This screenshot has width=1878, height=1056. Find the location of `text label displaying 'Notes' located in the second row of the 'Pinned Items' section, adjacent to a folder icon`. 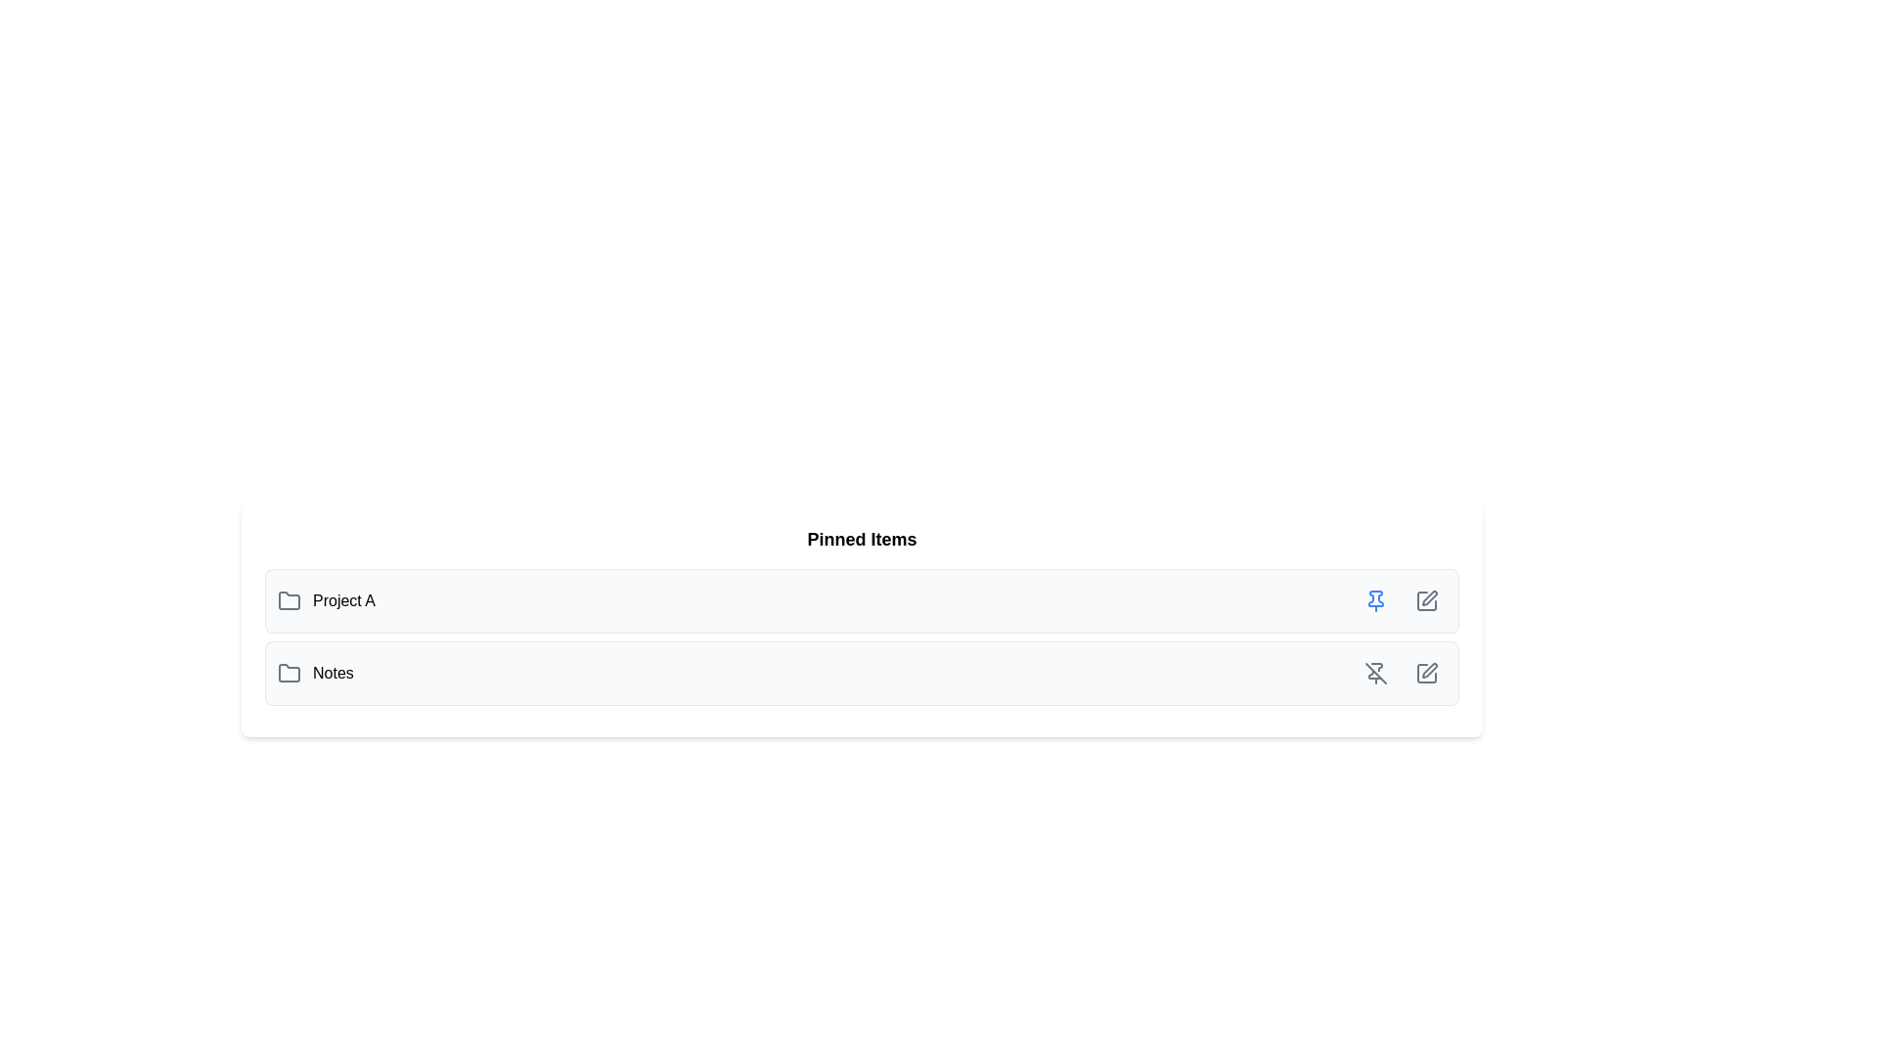

text label displaying 'Notes' located in the second row of the 'Pinned Items' section, adjacent to a folder icon is located at coordinates (333, 673).